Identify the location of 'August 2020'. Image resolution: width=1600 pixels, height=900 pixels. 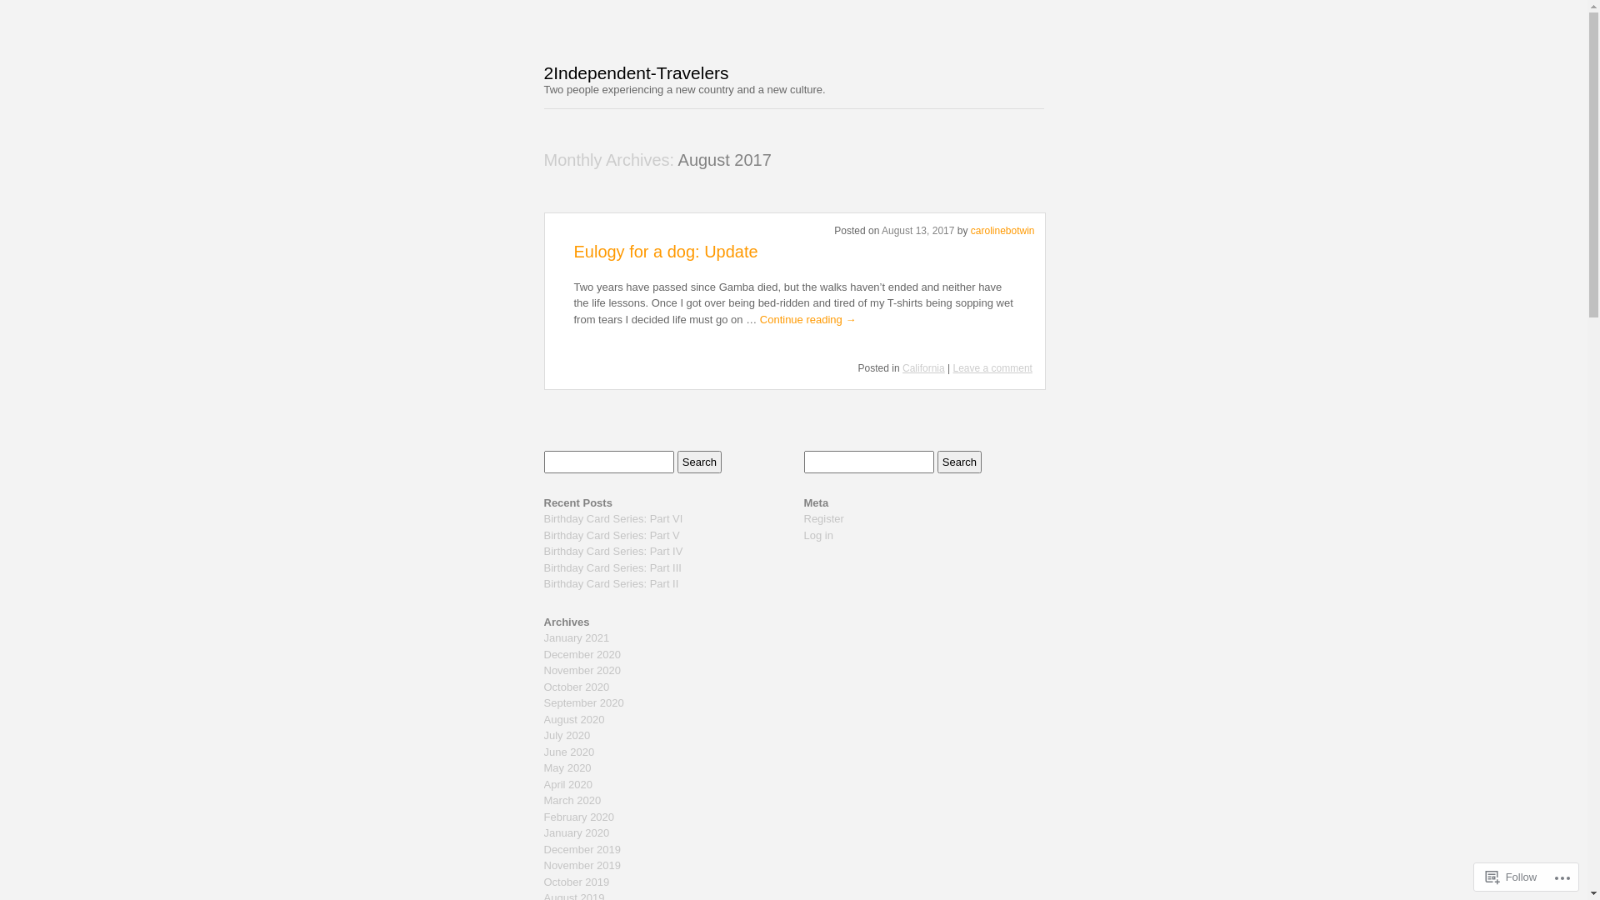
(543, 718).